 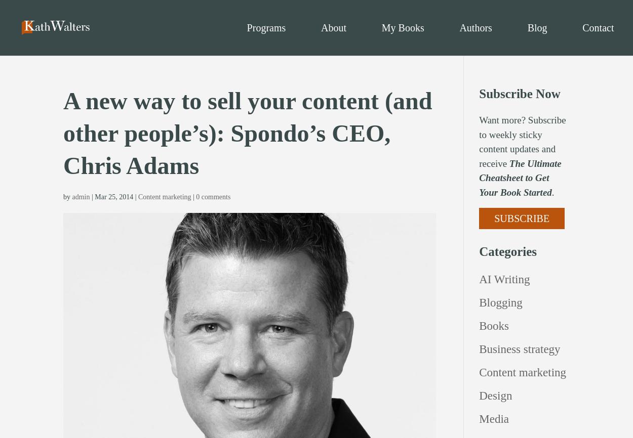 What do you see at coordinates (113, 196) in the screenshot?
I see `'Mar 25, 2014'` at bounding box center [113, 196].